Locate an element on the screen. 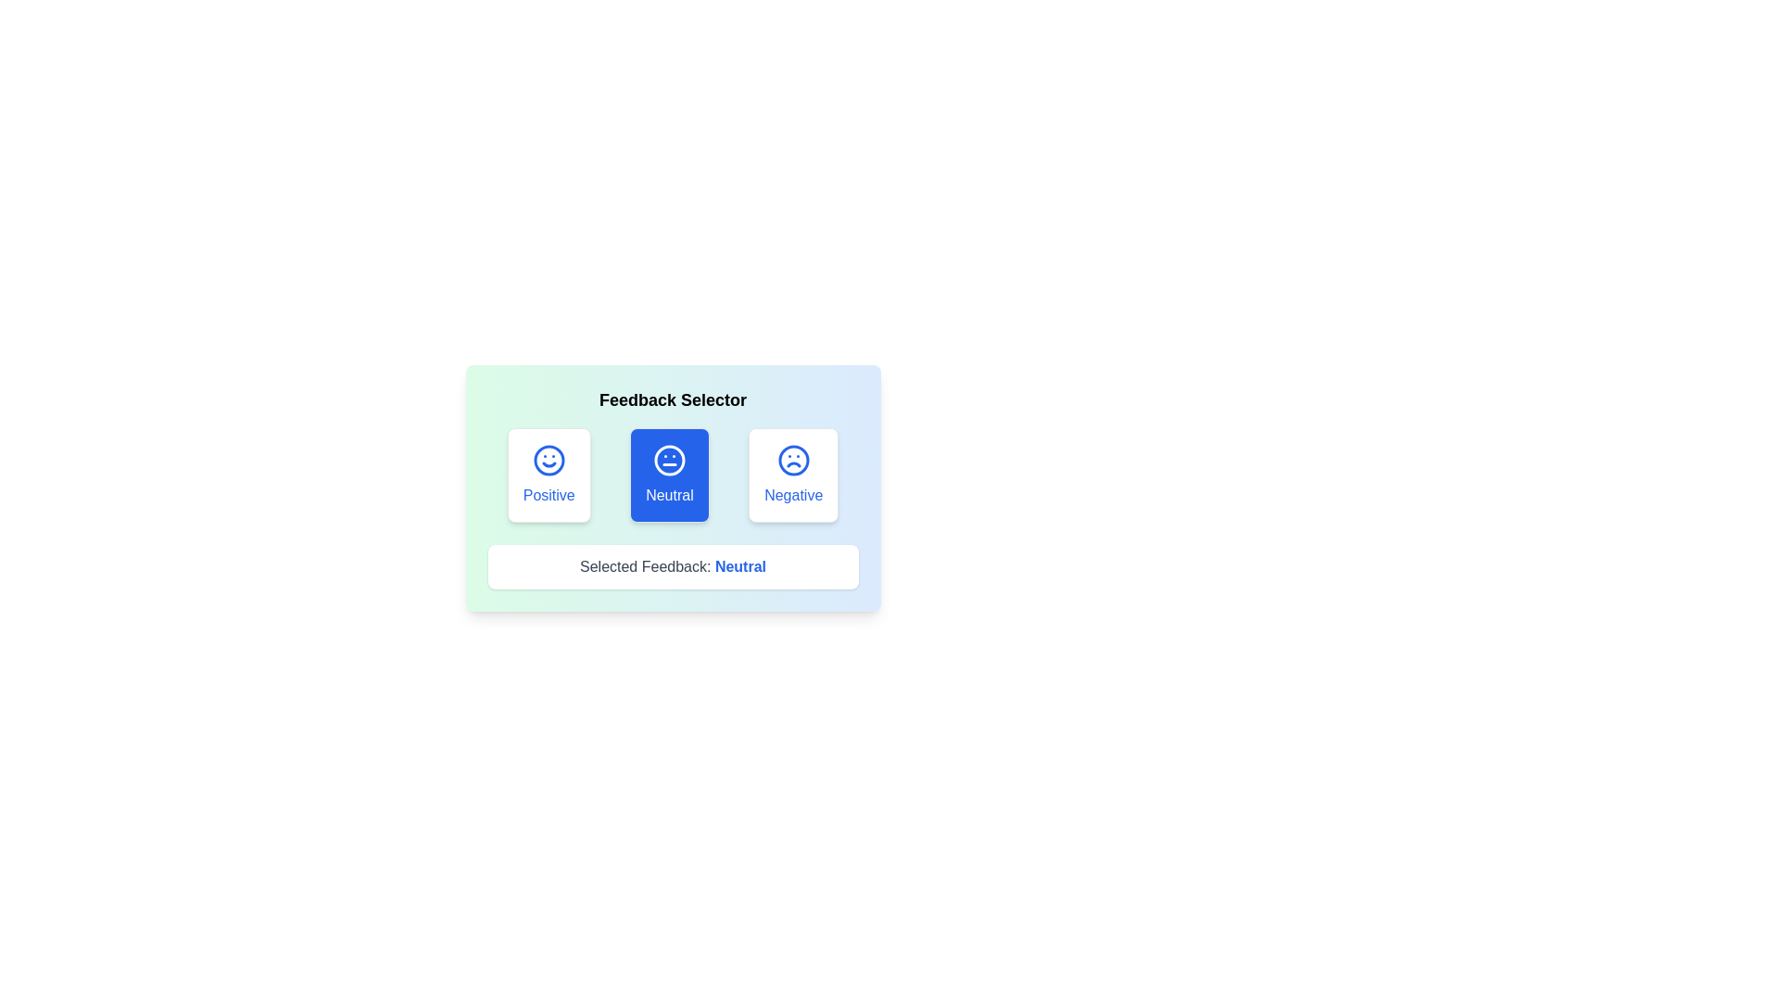 This screenshot has width=1779, height=1001. the feedback option Positive by clicking the corresponding button is located at coordinates (547, 475).